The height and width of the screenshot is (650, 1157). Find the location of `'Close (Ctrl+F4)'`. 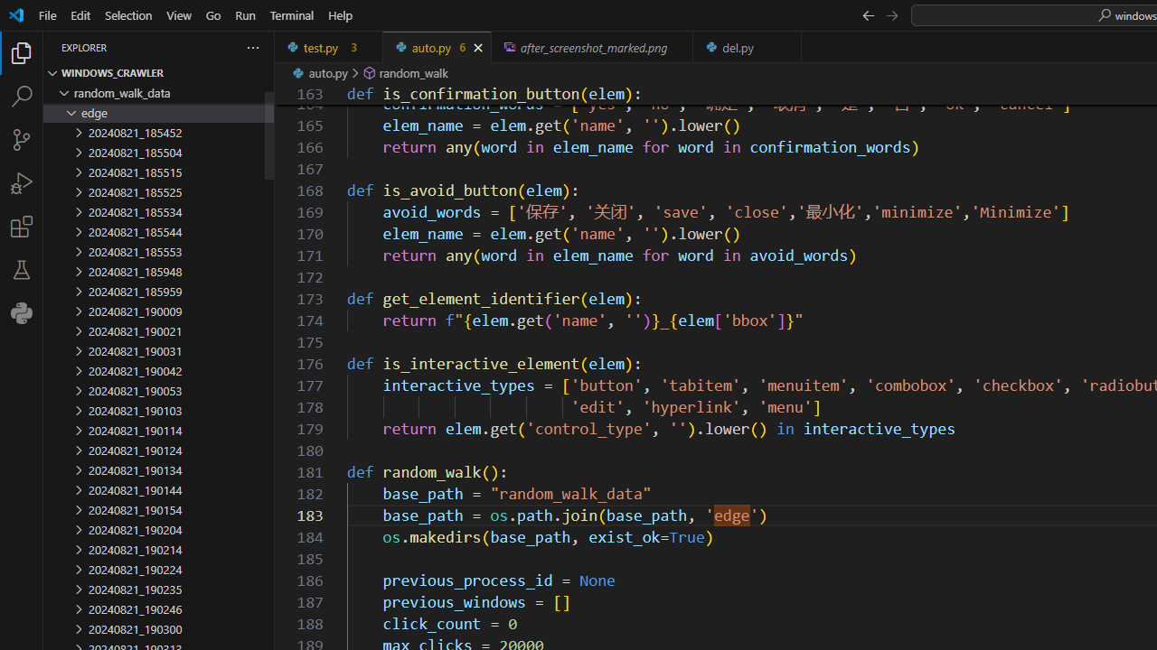

'Close (Ctrl+F4)' is located at coordinates (788, 46).